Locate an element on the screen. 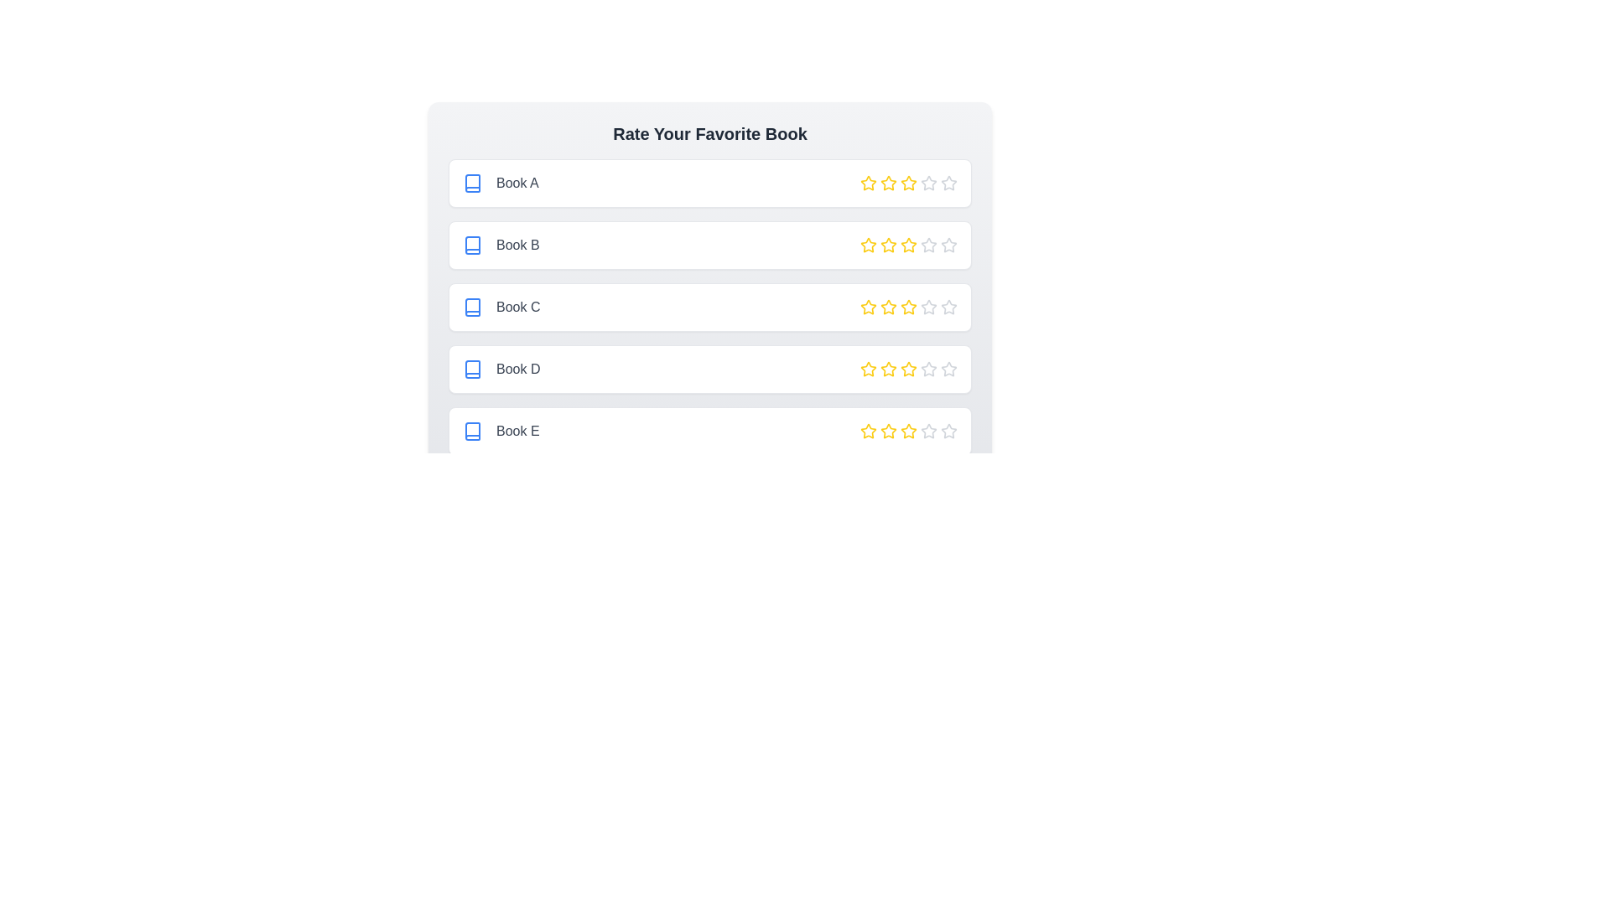 The width and height of the screenshot is (1610, 905). the star corresponding to 2 stars for the book titled Book A is located at coordinates (888, 184).